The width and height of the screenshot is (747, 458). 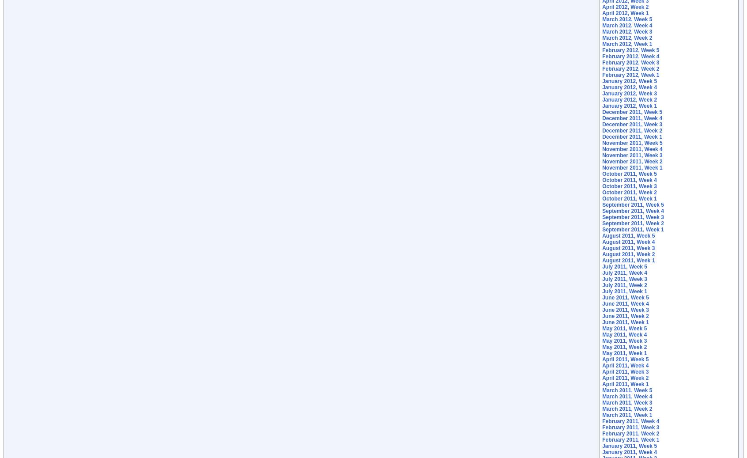 I want to click on 'April 2011, Week 1', so click(x=625, y=384).